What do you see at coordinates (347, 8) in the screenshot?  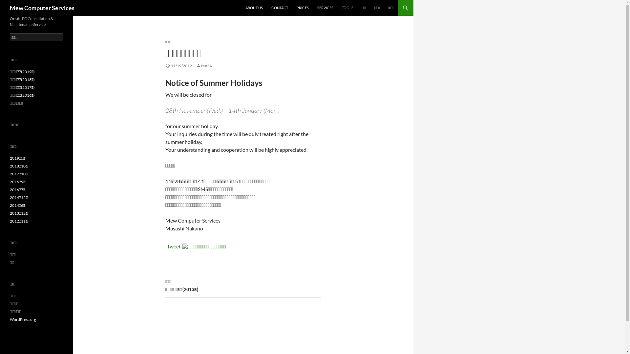 I see `'TOOLS'` at bounding box center [347, 8].